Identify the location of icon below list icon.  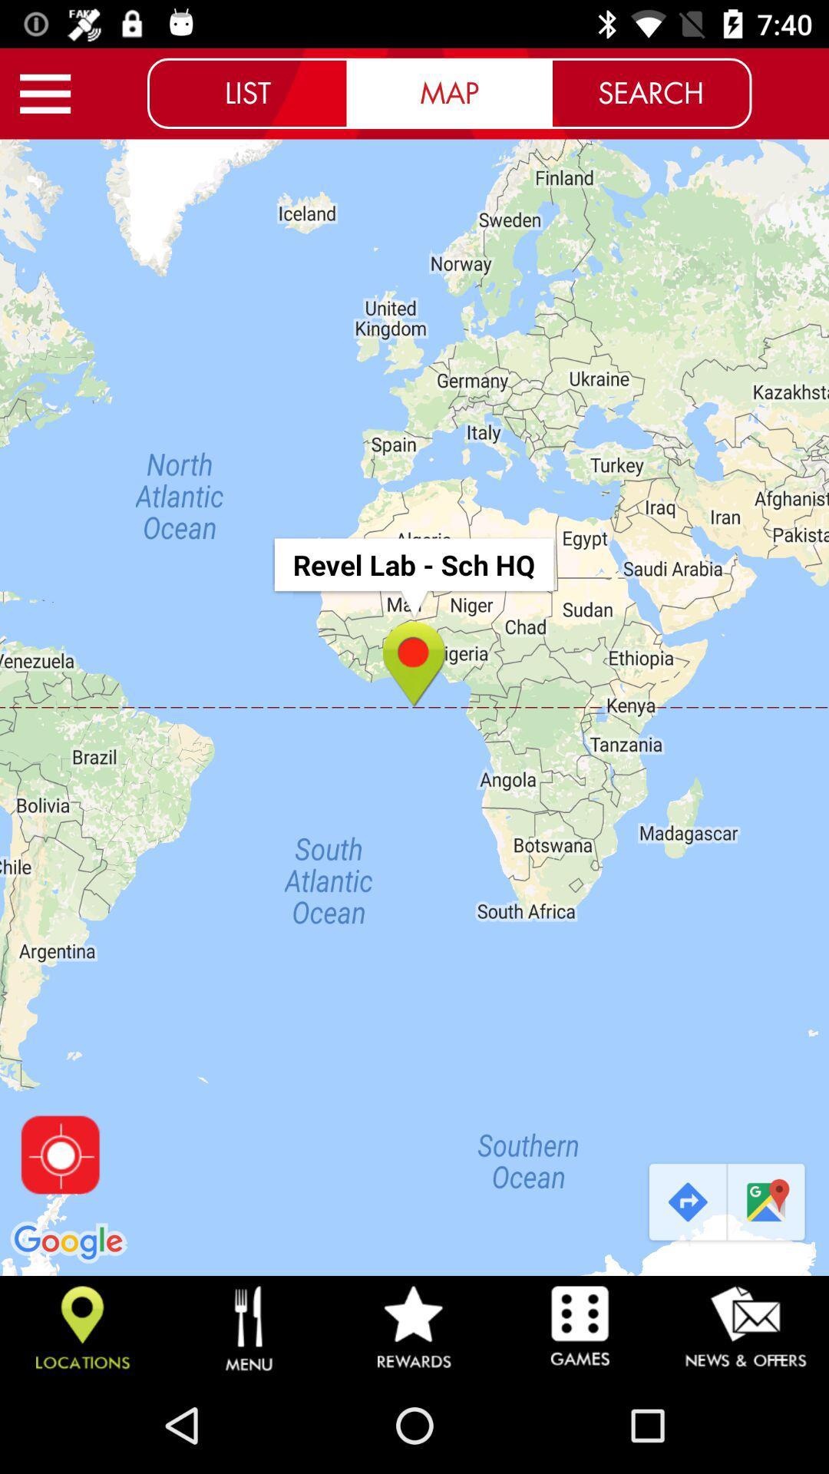
(414, 706).